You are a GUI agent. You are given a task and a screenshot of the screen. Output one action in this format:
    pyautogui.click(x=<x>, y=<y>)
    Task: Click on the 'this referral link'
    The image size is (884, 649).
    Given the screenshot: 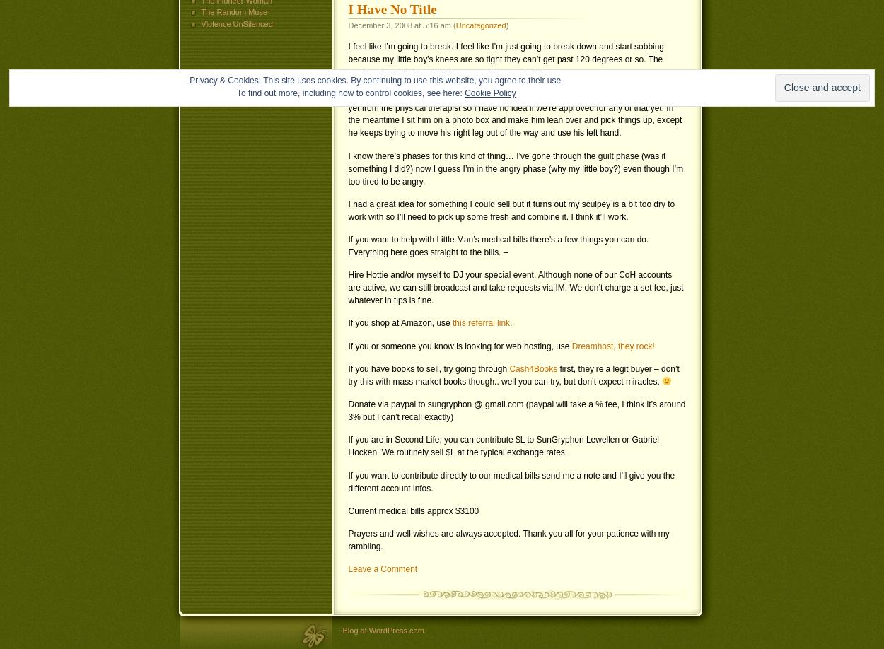 What is the action you would take?
    pyautogui.click(x=481, y=322)
    